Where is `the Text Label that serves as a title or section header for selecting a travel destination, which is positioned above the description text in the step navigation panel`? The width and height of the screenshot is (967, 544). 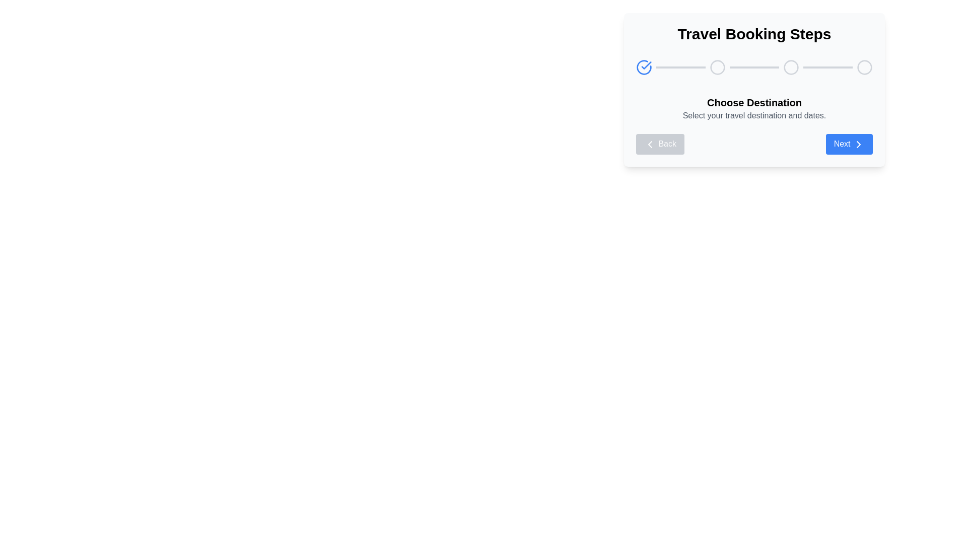 the Text Label that serves as a title or section header for selecting a travel destination, which is positioned above the description text in the step navigation panel is located at coordinates (754, 103).